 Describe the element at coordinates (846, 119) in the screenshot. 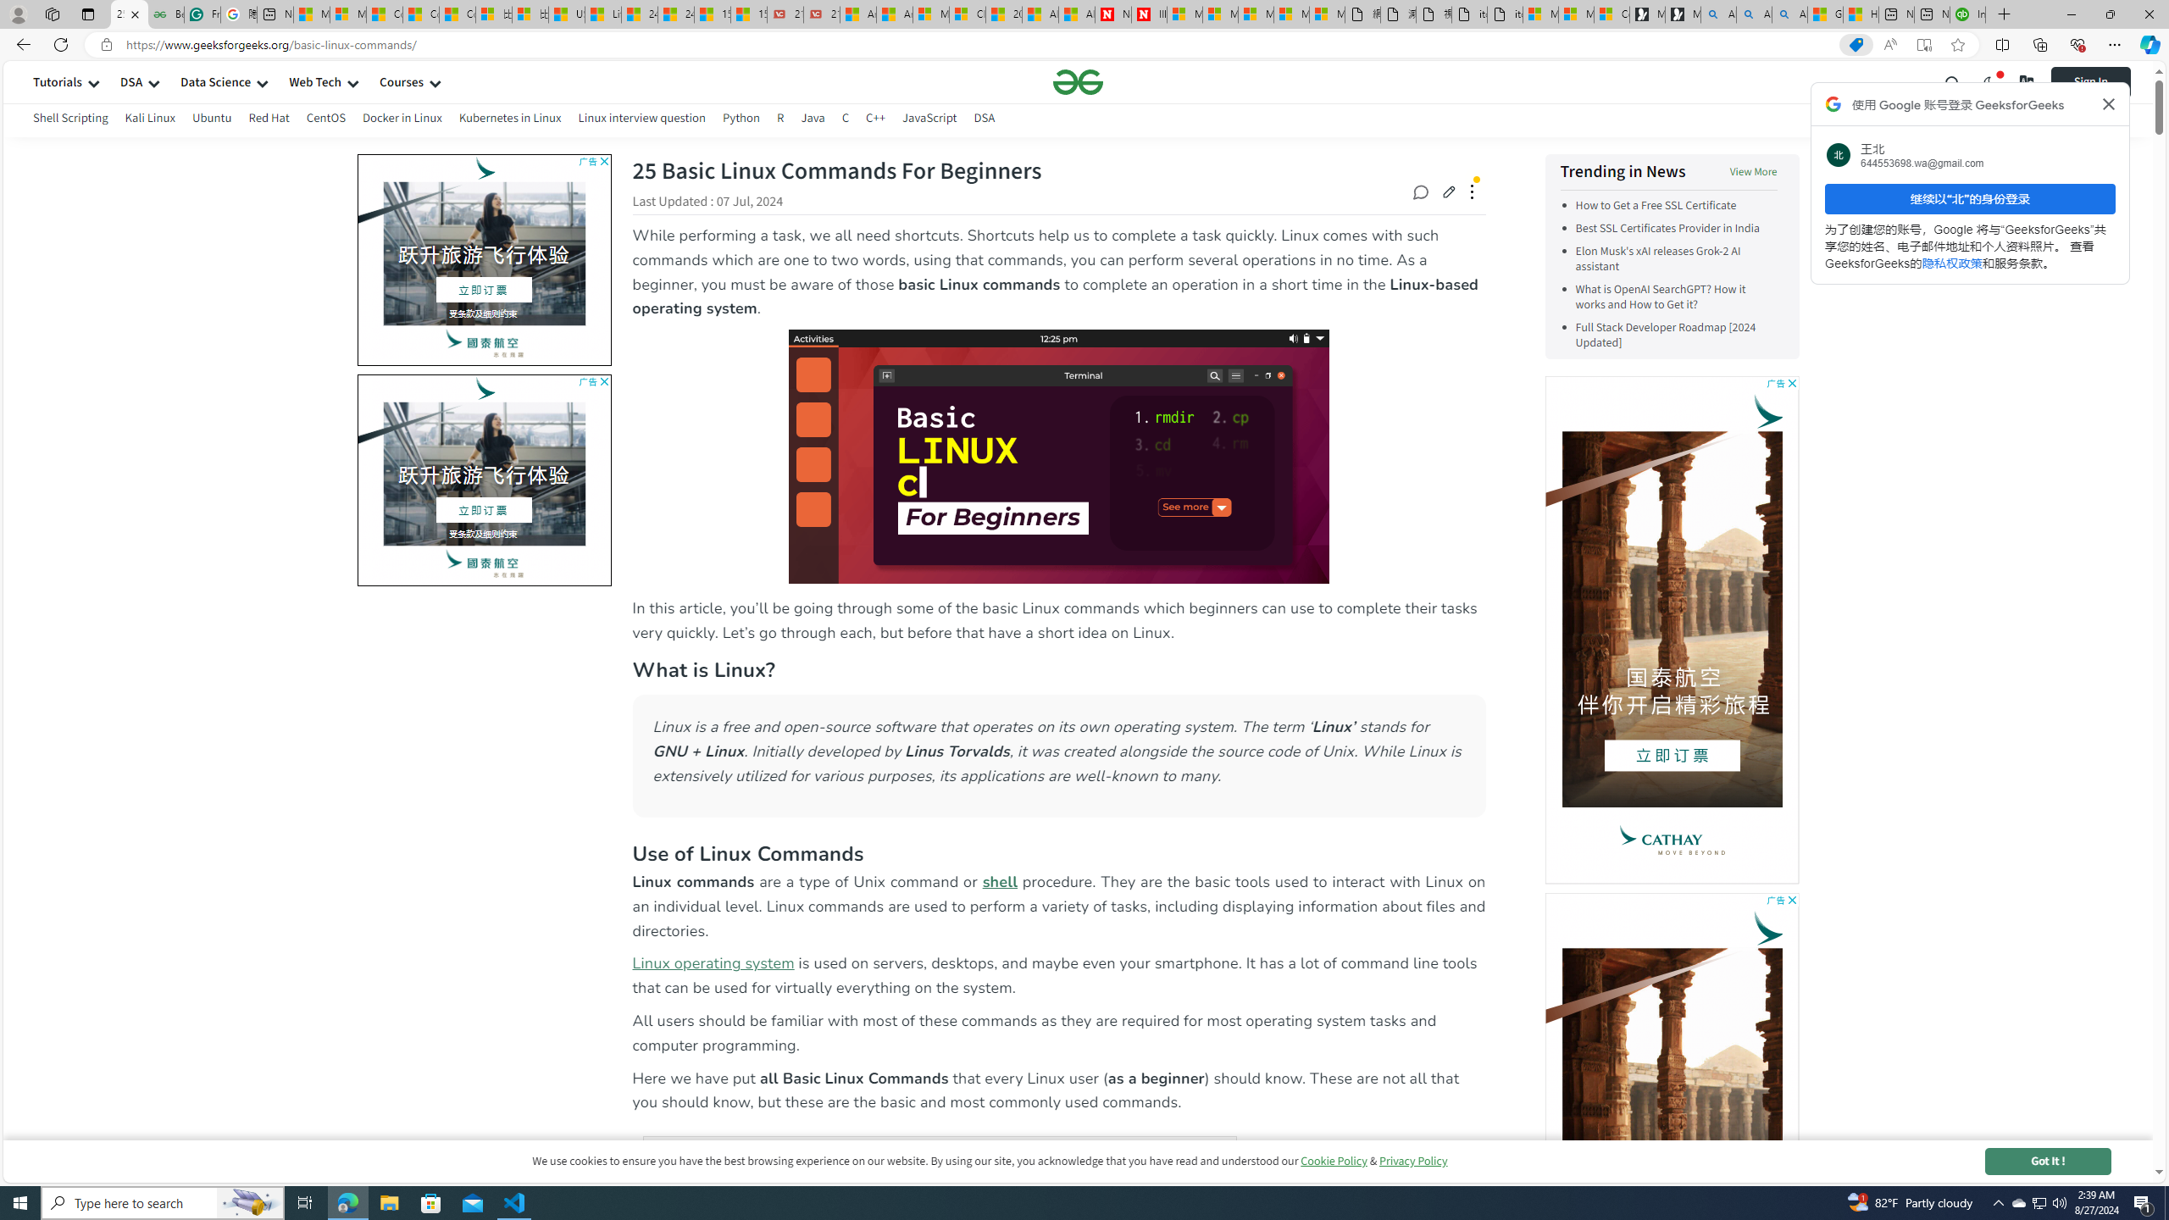

I see `'C'` at that location.